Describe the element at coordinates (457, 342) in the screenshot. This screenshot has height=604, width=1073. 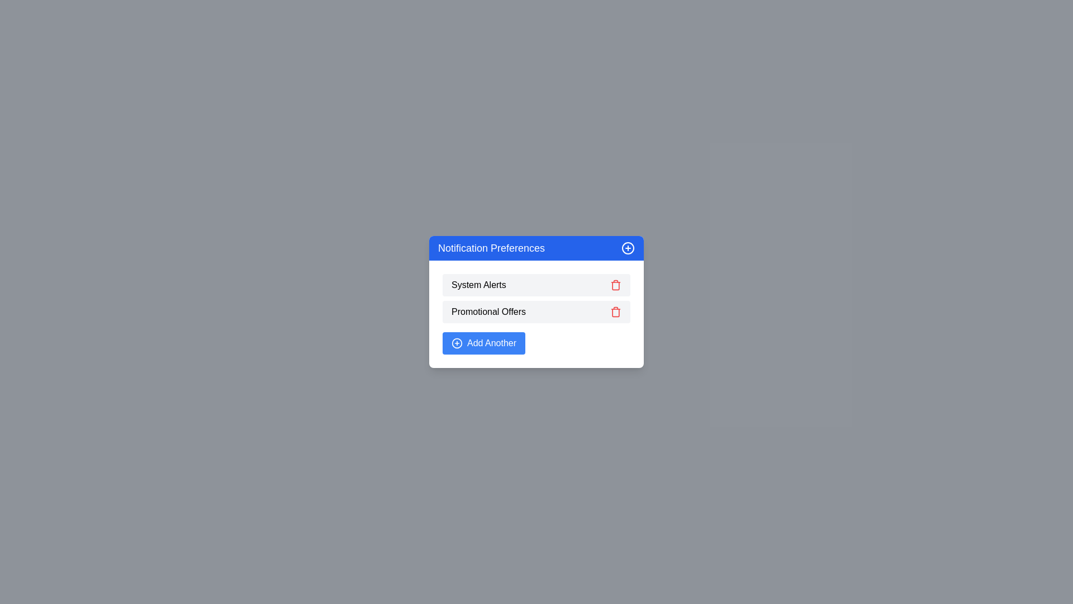
I see `the 'Add Another' button by clicking on the central circular shape within its icon, which serves to signify the add functionality` at that location.